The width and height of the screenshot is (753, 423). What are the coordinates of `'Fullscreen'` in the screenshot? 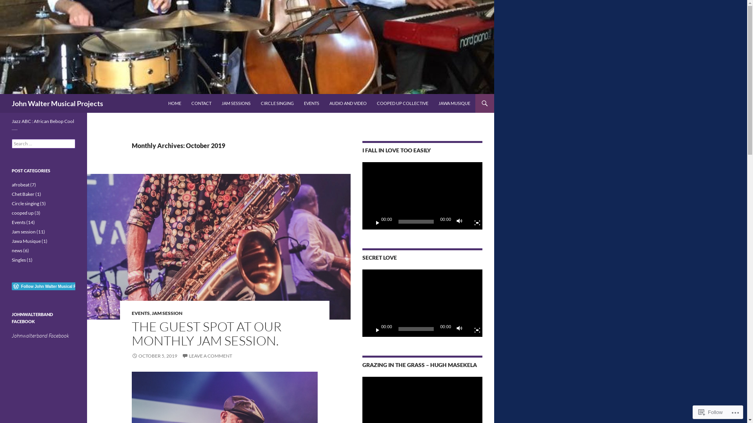 It's located at (474, 329).